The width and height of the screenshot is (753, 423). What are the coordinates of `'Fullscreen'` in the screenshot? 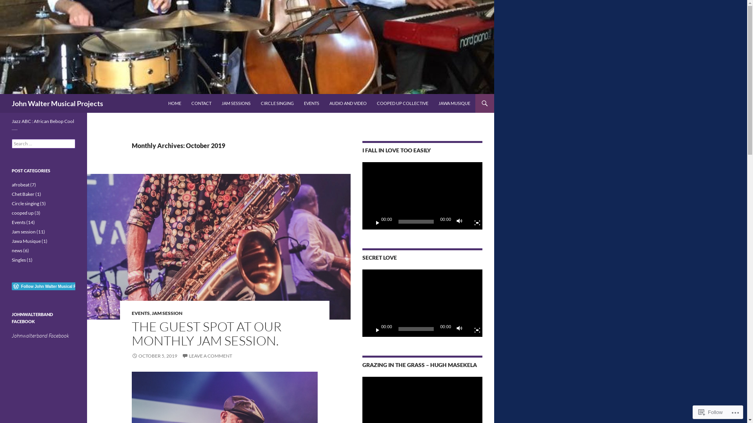 It's located at (474, 329).